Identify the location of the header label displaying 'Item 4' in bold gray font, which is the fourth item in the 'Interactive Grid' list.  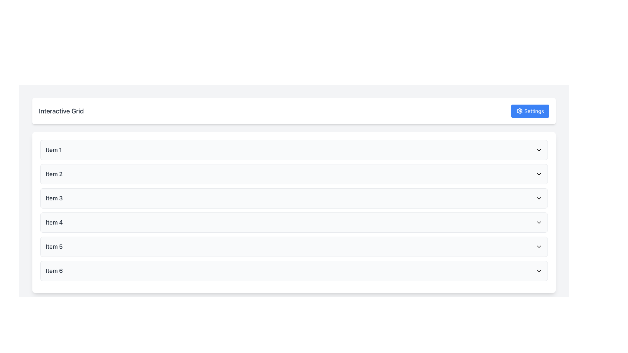
(54, 222).